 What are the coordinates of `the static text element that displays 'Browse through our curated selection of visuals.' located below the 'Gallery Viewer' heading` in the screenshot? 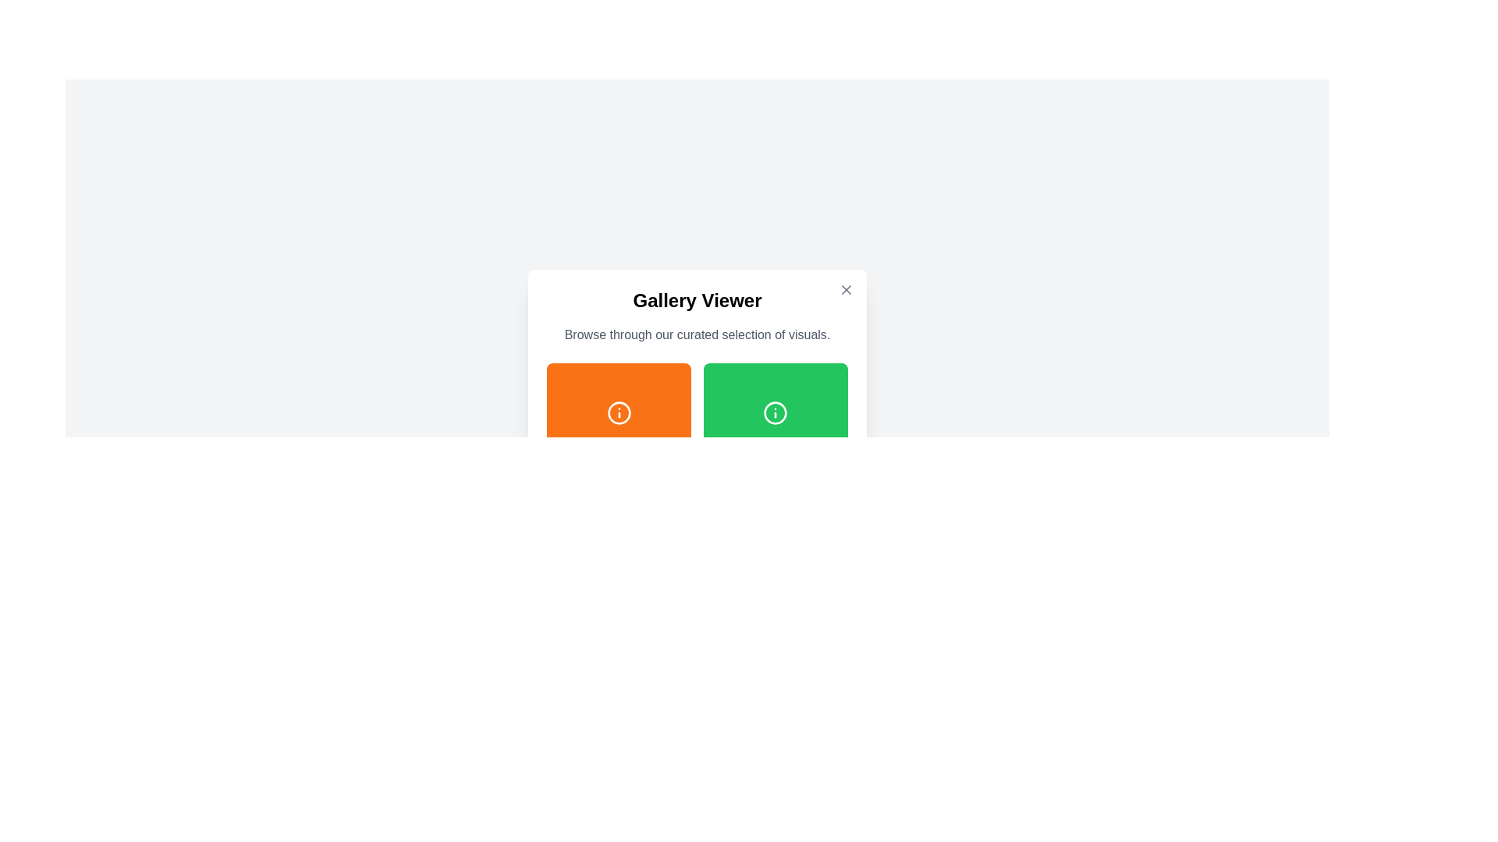 It's located at (696, 334).